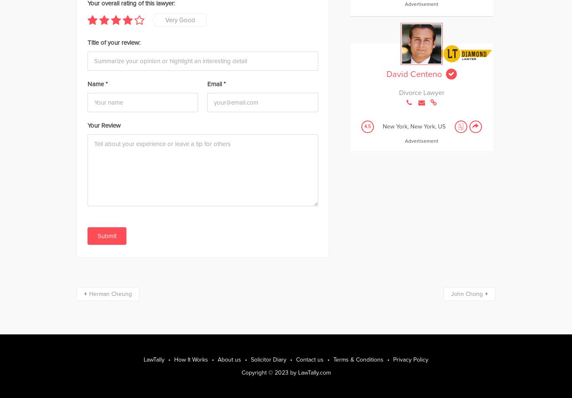  What do you see at coordinates (218, 359) in the screenshot?
I see `'About us'` at bounding box center [218, 359].